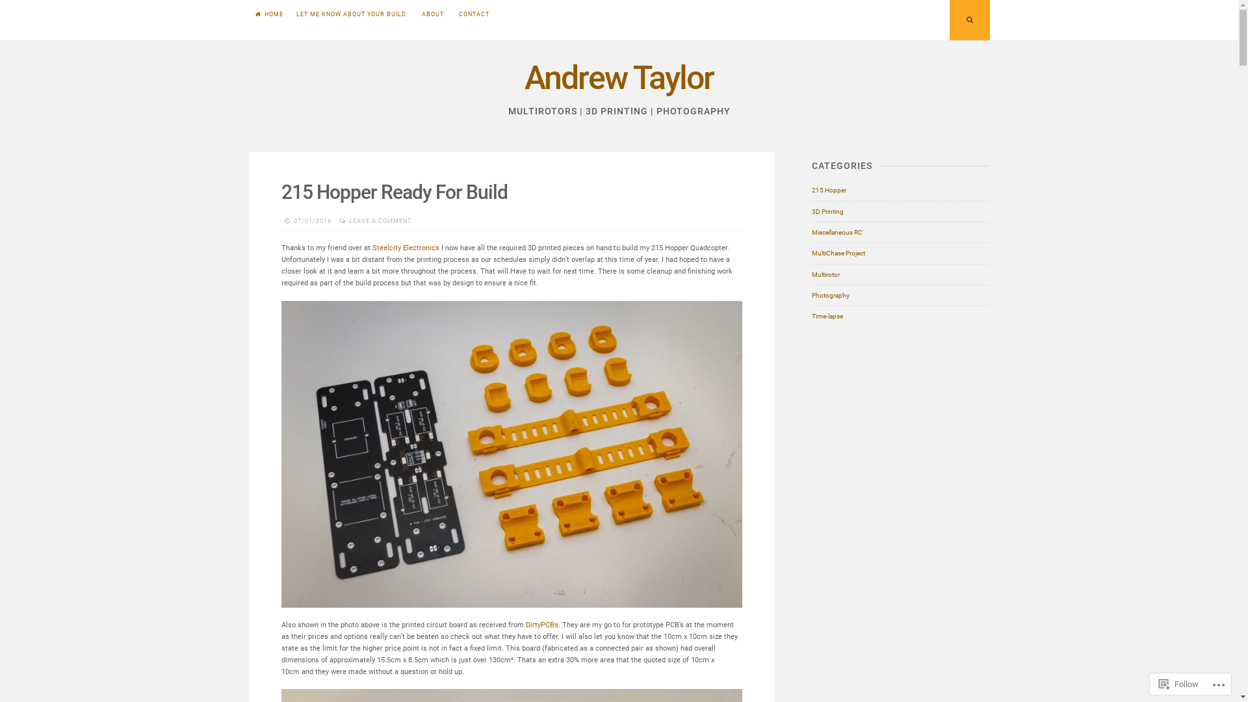 The height and width of the screenshot is (702, 1248). I want to click on '3D Printing', so click(827, 211).